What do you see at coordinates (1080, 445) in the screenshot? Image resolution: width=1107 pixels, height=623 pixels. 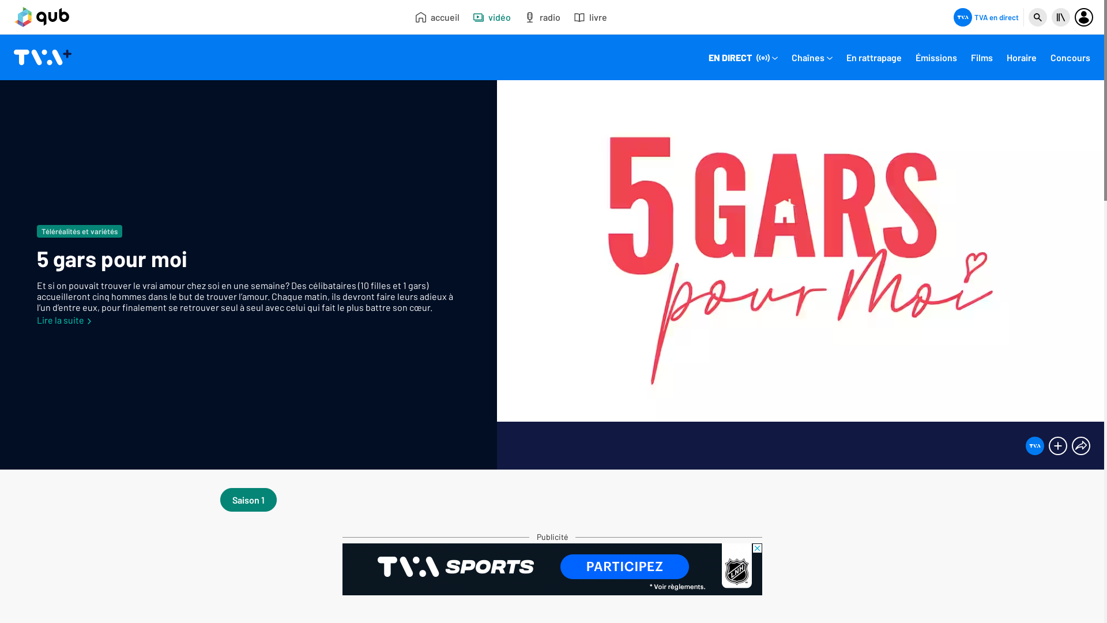 I see `'Partager'` at bounding box center [1080, 445].